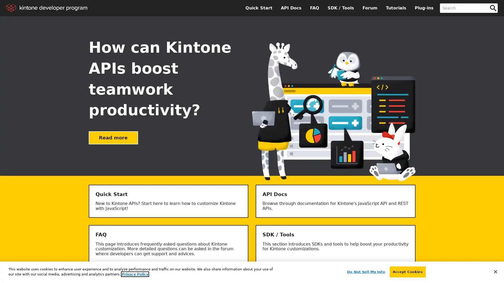  What do you see at coordinates (493, 8) in the screenshot?
I see `Search` at bounding box center [493, 8].